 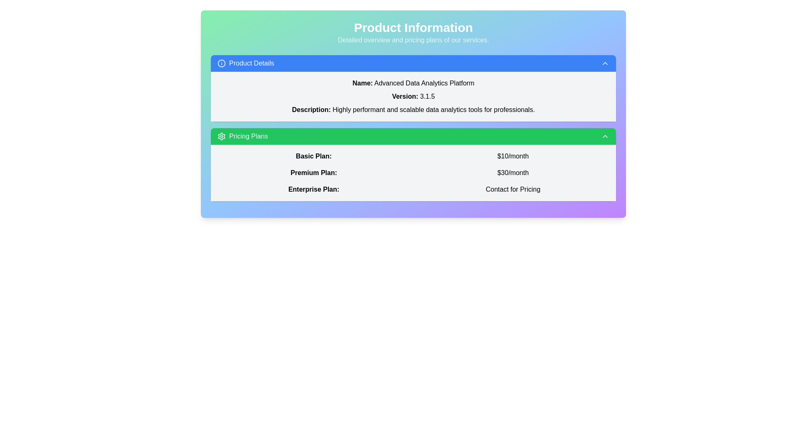 I want to click on the Text Label in the 'Pricing Plans' section that identifies the name of a pricing plan, located below 'Basic Plan:' and above 'Enterprise Plan:' in the left column, so click(x=313, y=172).